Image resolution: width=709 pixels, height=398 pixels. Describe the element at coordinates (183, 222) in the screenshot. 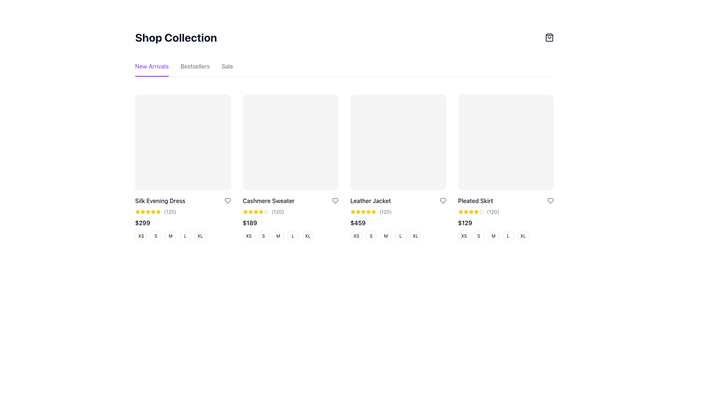

I see `price displayed below the rating stars and the title 'Silk Evening Dress', which indicates the product price of $299` at that location.